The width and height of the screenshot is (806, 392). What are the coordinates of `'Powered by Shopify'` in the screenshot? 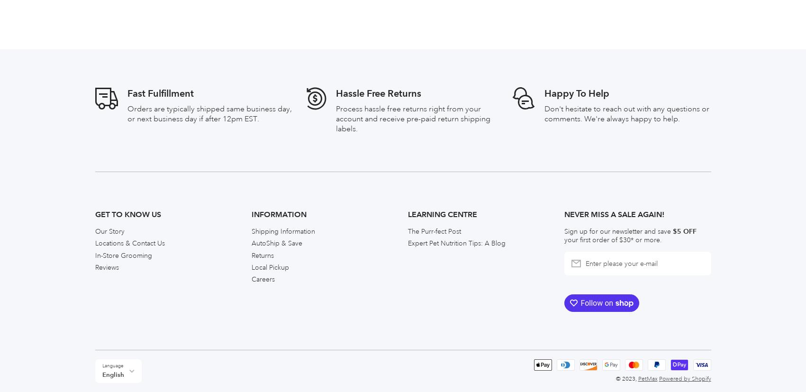 It's located at (684, 165).